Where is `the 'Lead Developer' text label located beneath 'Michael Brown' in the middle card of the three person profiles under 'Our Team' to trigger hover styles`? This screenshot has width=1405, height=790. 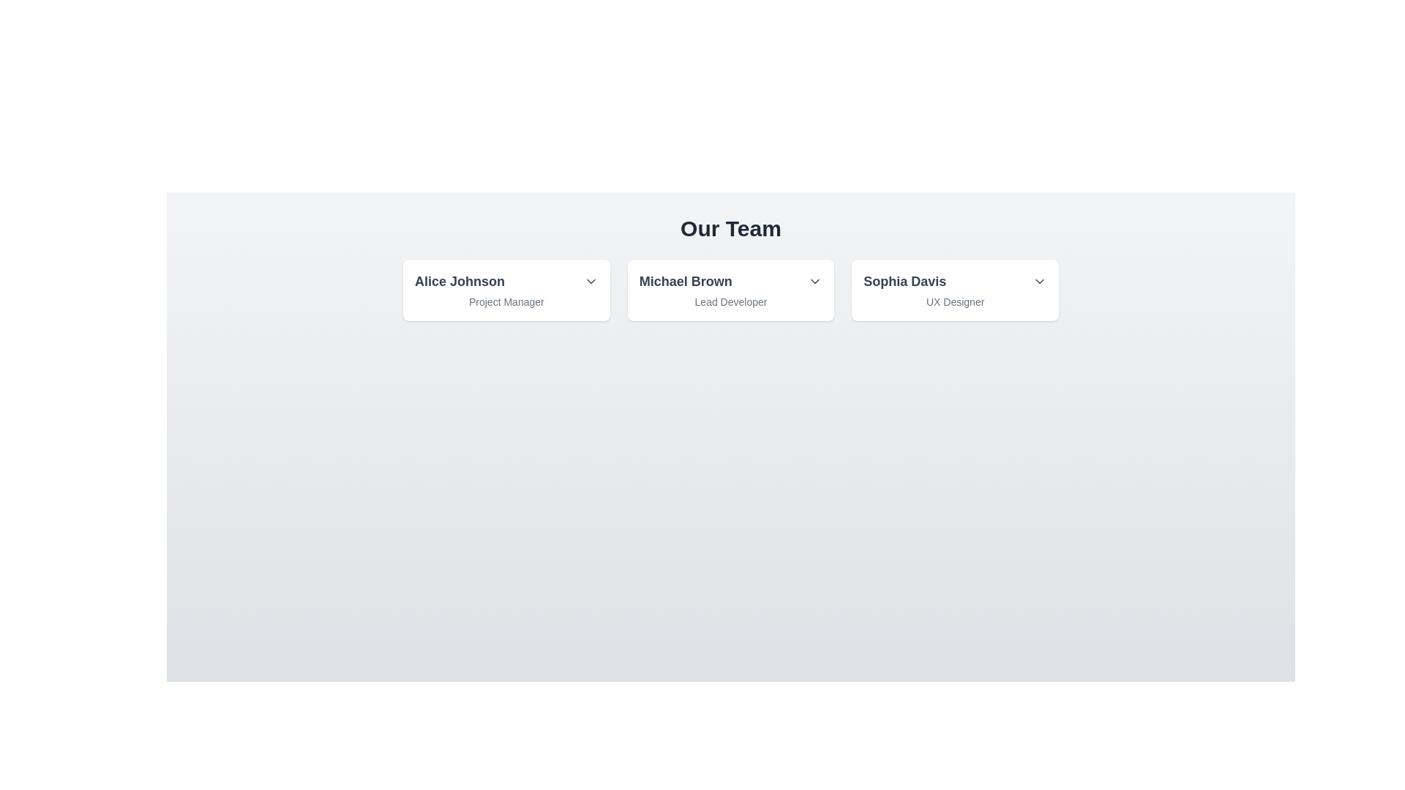
the 'Lead Developer' text label located beneath 'Michael Brown' in the middle card of the three person profiles under 'Our Team' to trigger hover styles is located at coordinates (730, 301).